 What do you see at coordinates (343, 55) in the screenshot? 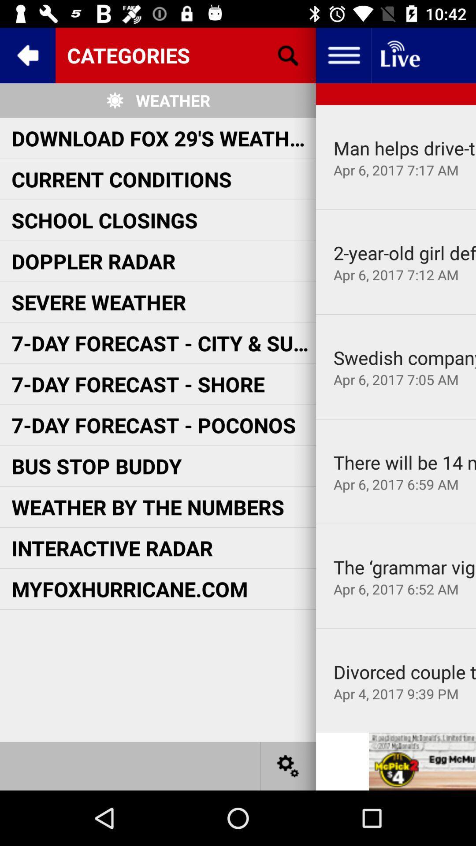
I see `the menu icon` at bounding box center [343, 55].